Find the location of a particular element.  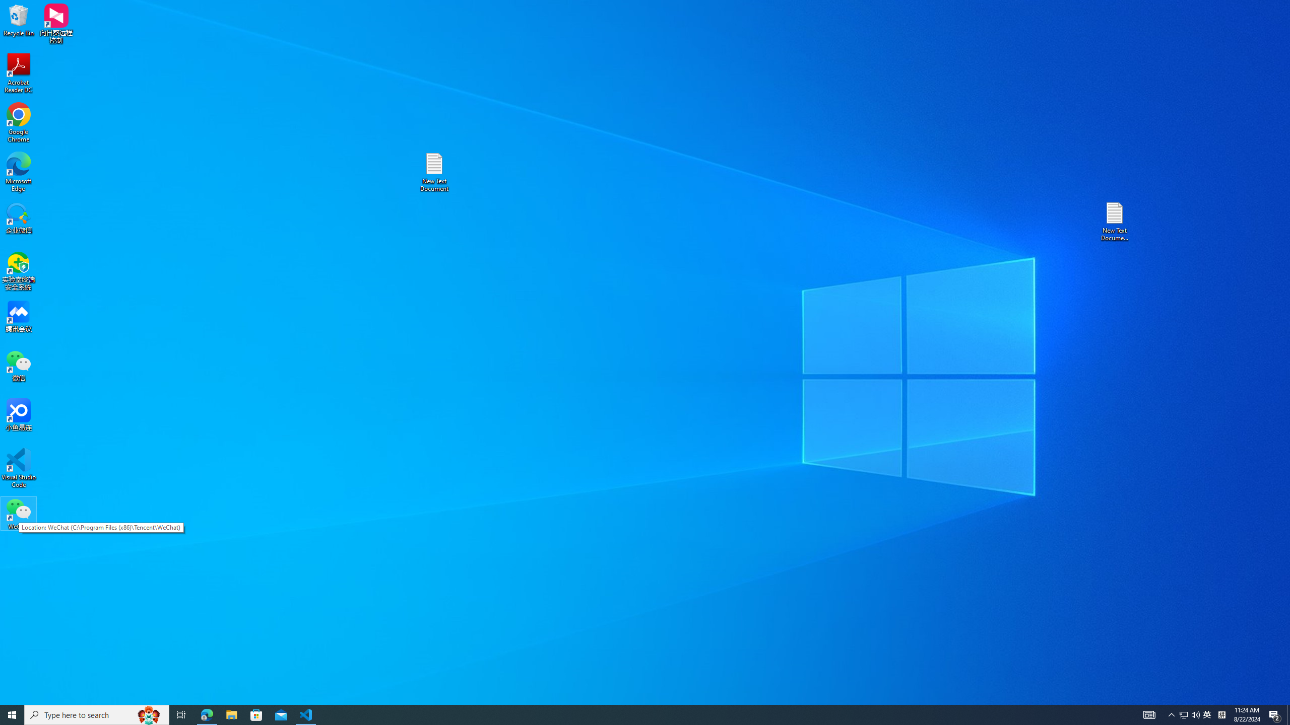

'Recycle Bin' is located at coordinates (18, 19).